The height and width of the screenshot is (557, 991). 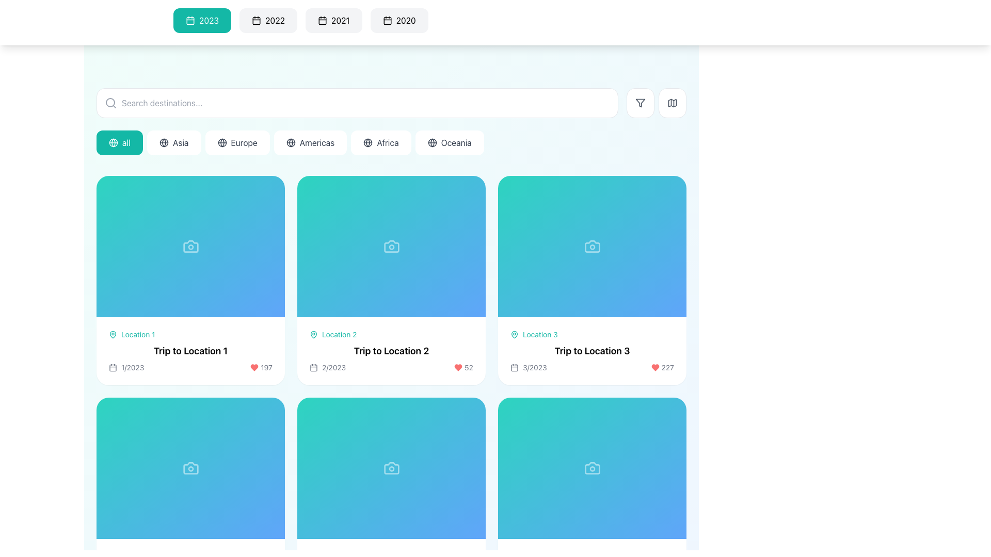 What do you see at coordinates (391, 246) in the screenshot?
I see `the camera icon, which is a simple and minimalistic line-art style icon, white and semi-transparent, located centrally within the card labeled 'Trip to Location 2'` at bounding box center [391, 246].